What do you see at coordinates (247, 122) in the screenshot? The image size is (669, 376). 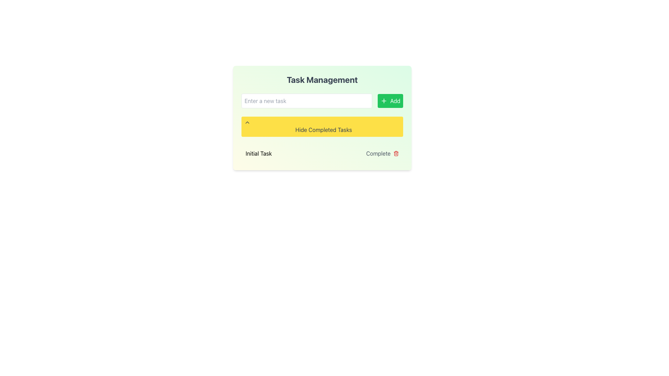 I see `the small upward chevron icon located to the left of the 'Hide Completed Tasks' button` at bounding box center [247, 122].